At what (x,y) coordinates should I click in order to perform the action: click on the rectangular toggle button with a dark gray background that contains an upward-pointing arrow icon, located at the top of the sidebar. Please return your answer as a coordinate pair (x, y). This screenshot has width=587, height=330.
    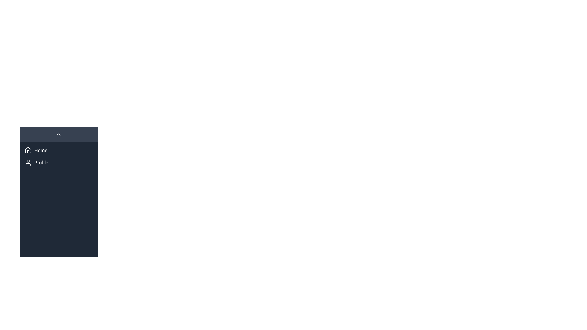
    Looking at the image, I should click on (59, 134).